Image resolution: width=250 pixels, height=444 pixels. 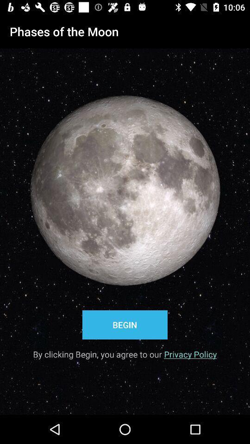 I want to click on by clicking begin, so click(x=125, y=351).